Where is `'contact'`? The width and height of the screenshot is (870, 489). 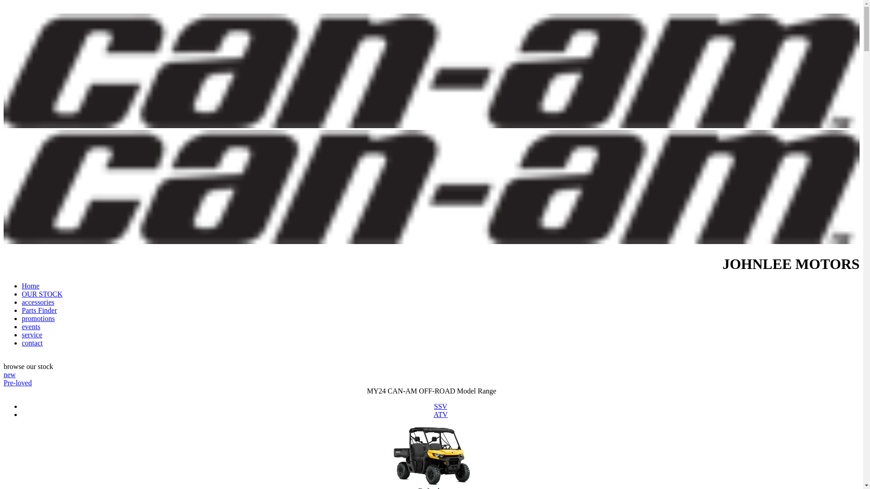 'contact' is located at coordinates (32, 343).